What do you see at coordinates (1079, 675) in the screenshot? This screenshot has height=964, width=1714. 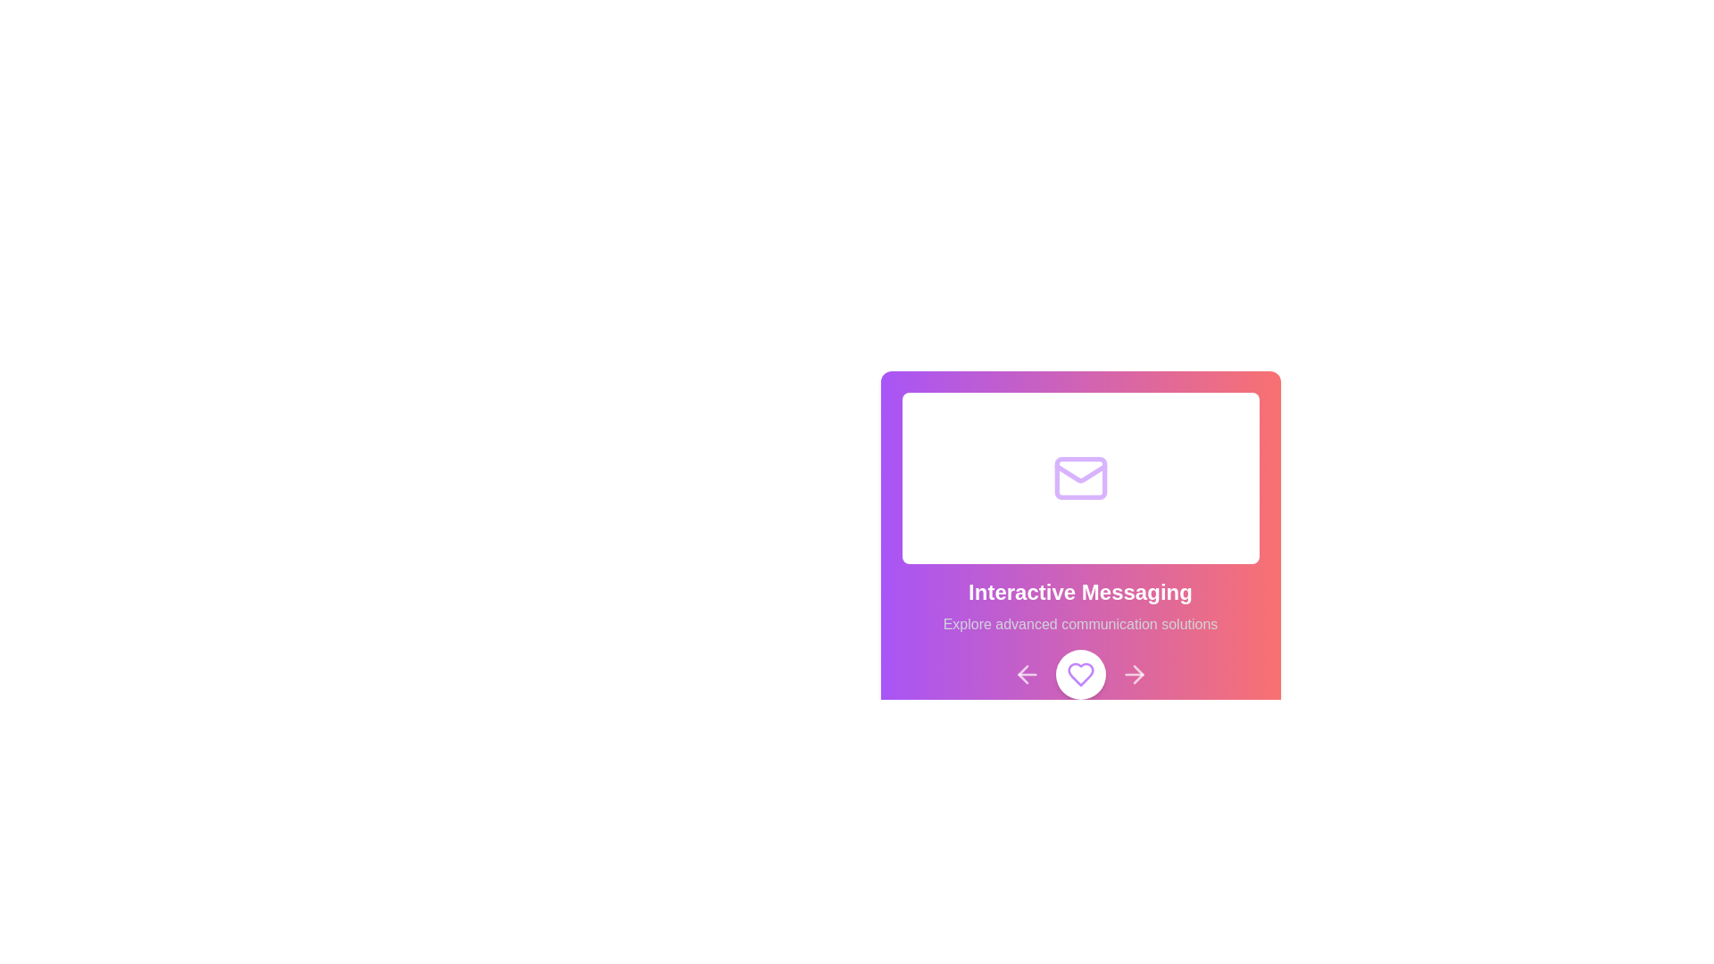 I see `the circular button used for selecting a favorite or liking content, located at the center of the gradient bar in the 'Interactive Messaging' card` at bounding box center [1079, 675].